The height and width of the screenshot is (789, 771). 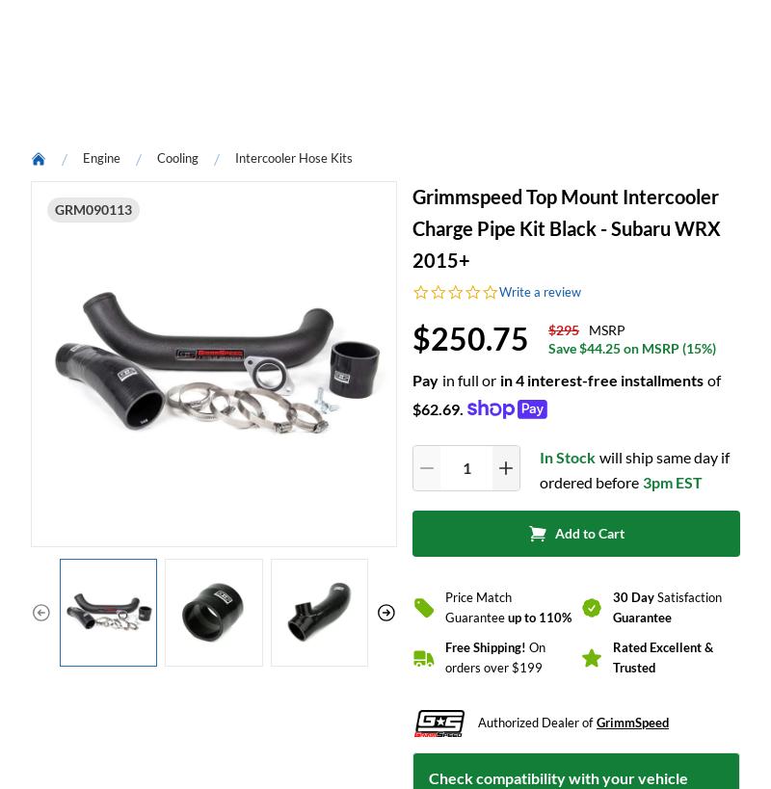 What do you see at coordinates (83, 255) in the screenshot?
I see `'COBB Tuning AccessPORT V3 USB Cable...'` at bounding box center [83, 255].